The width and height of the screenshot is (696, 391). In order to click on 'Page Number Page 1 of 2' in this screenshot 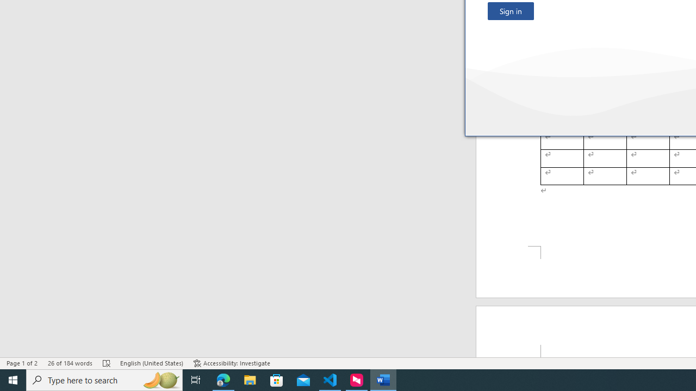, I will do `click(22, 363)`.